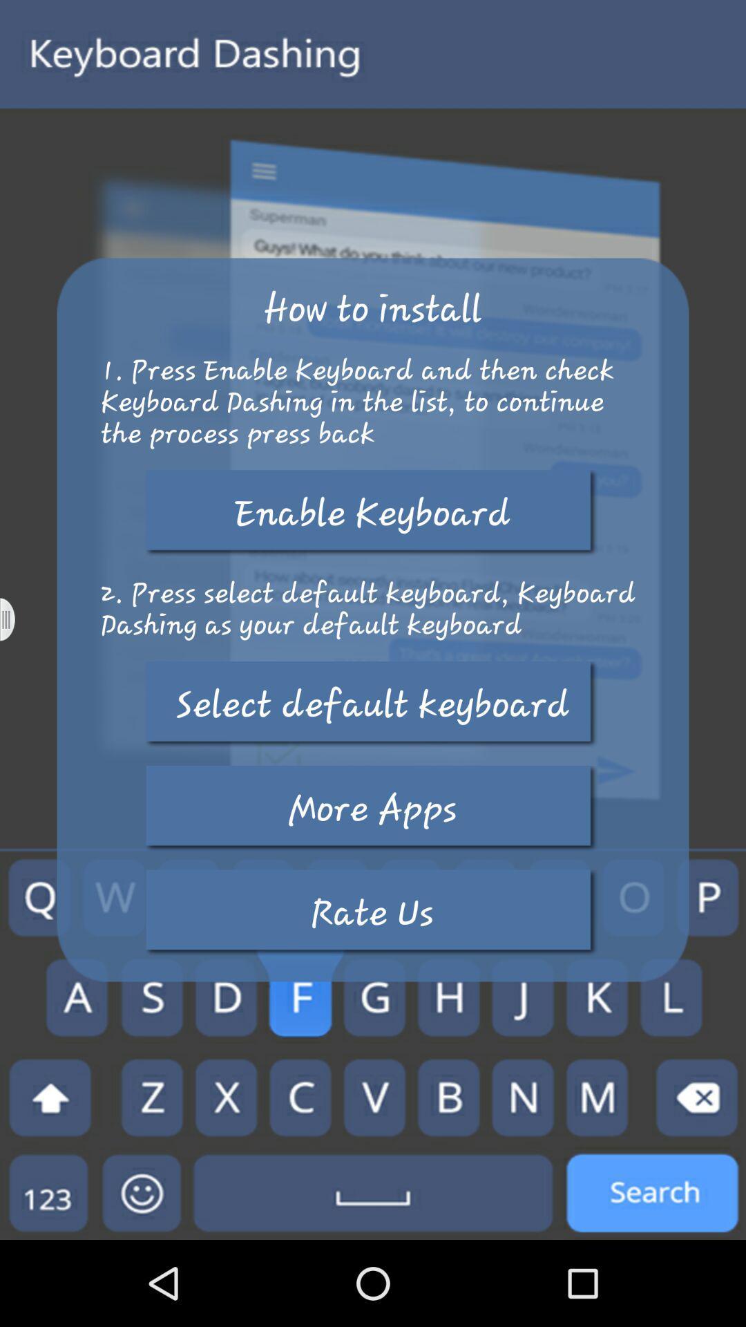 Image resolution: width=746 pixels, height=1327 pixels. I want to click on item on the left, so click(16, 619).